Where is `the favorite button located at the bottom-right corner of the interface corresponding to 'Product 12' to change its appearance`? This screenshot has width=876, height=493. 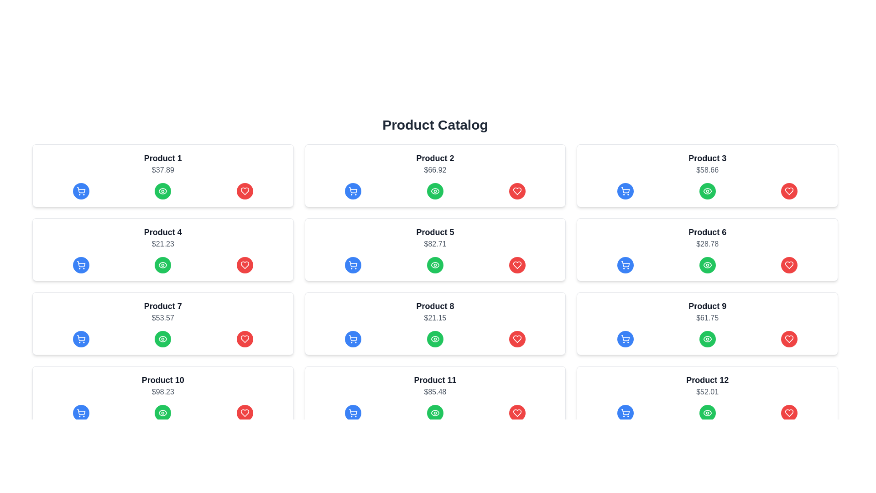
the favorite button located at the bottom-right corner of the interface corresponding to 'Product 12' to change its appearance is located at coordinates (789, 413).